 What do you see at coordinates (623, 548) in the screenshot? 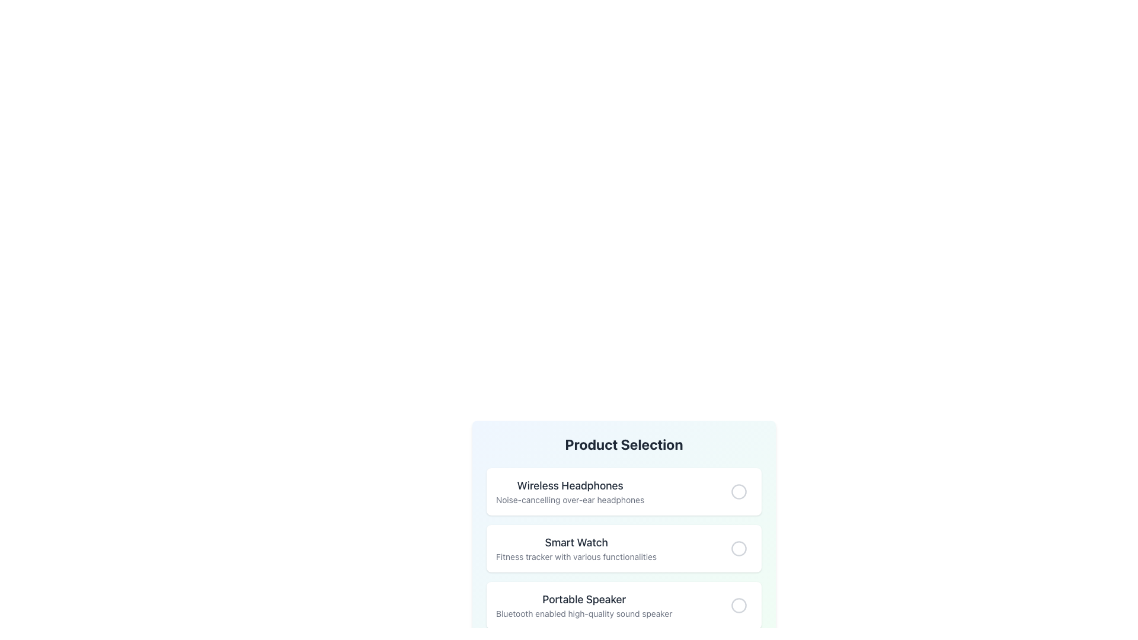
I see `description of the Information Card, which features 'Smart Watch' in bold and a circular button on the right side` at bounding box center [623, 548].